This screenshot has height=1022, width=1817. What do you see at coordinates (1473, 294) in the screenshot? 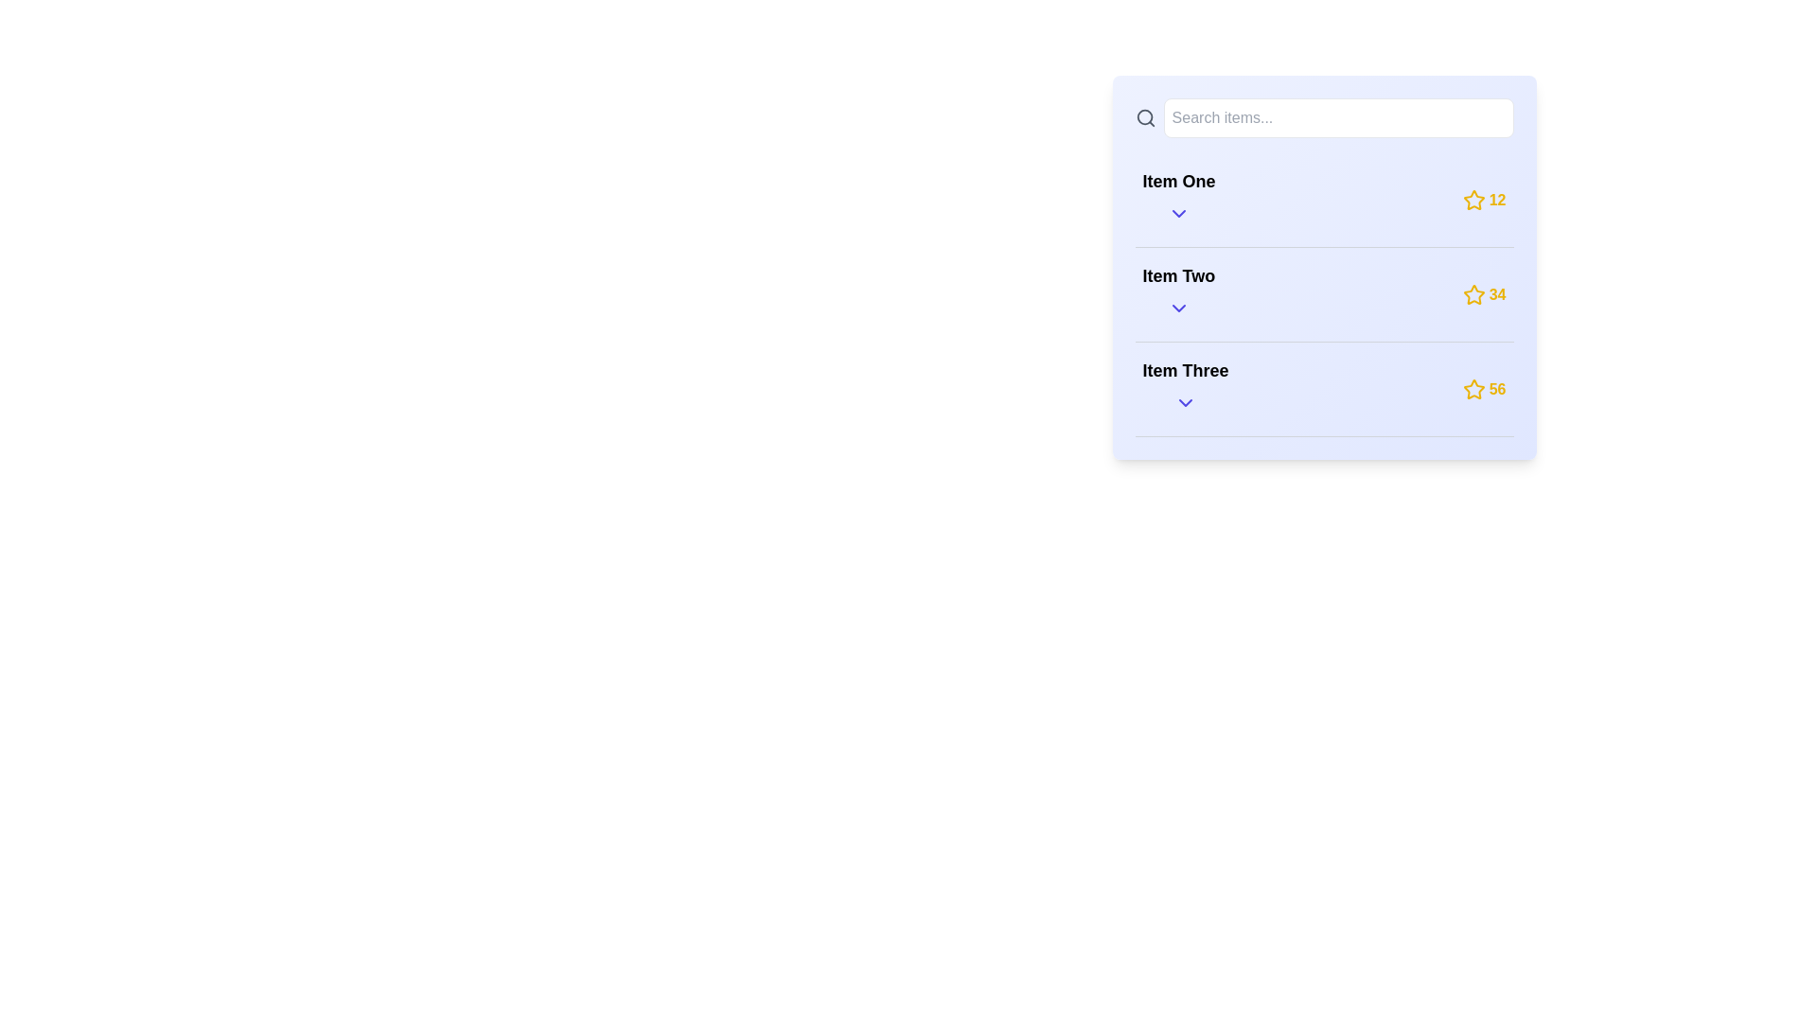
I see `the favorite indicator of Item Two to toggle its favorite status` at bounding box center [1473, 294].